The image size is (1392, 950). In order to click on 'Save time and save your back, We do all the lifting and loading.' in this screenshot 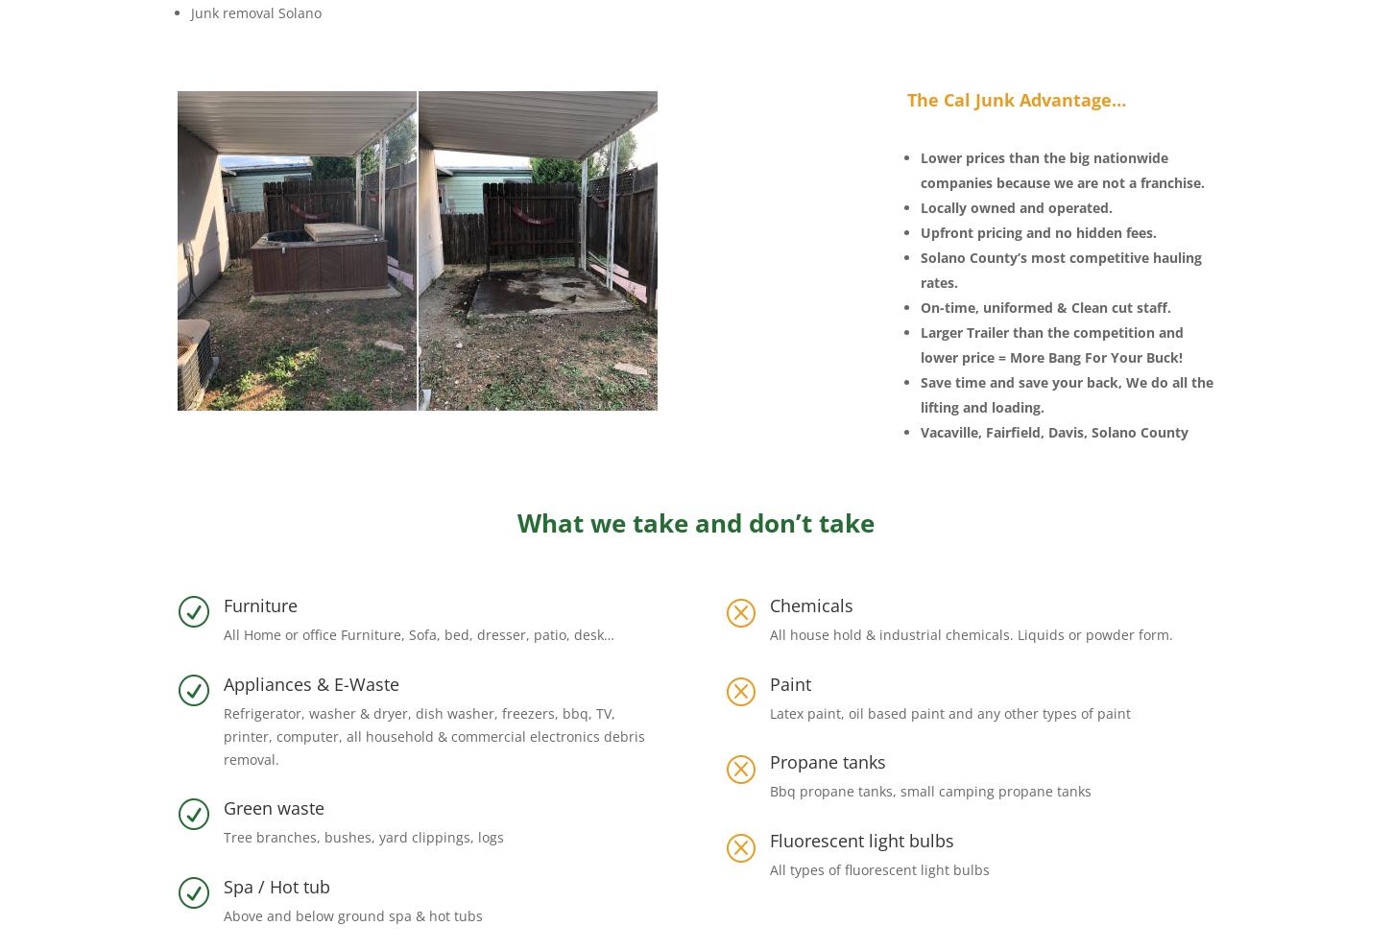, I will do `click(1065, 393)`.